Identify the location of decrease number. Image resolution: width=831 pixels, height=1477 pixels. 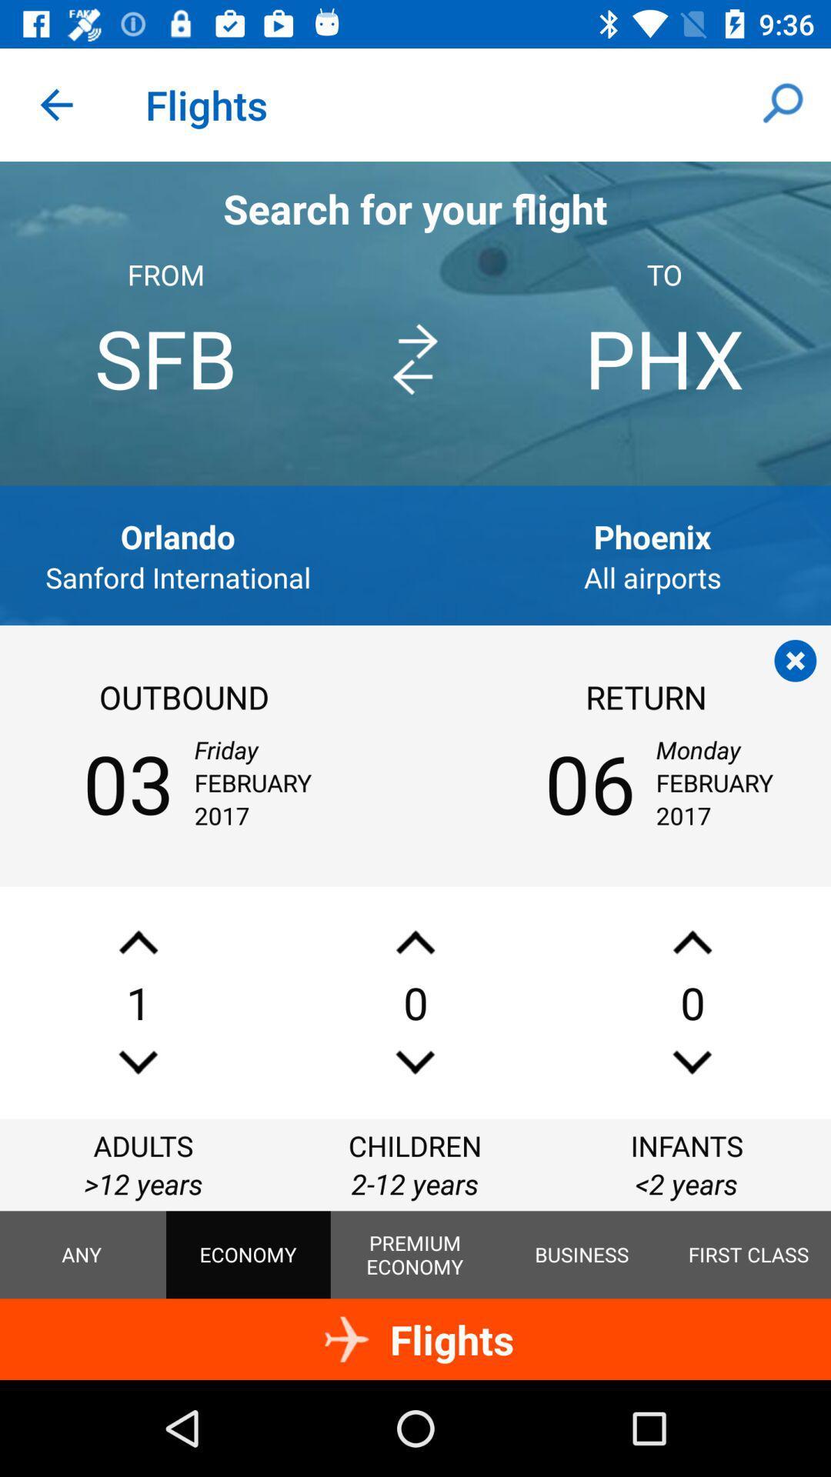
(138, 1062).